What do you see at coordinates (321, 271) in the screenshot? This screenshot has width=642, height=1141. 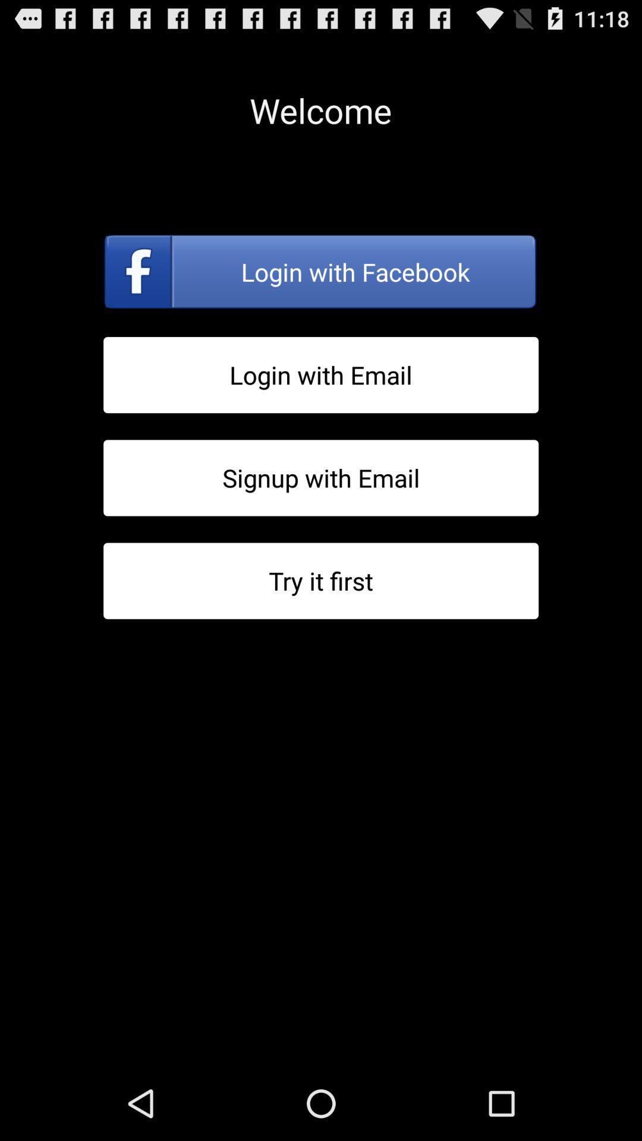 I see `log into facebook` at bounding box center [321, 271].